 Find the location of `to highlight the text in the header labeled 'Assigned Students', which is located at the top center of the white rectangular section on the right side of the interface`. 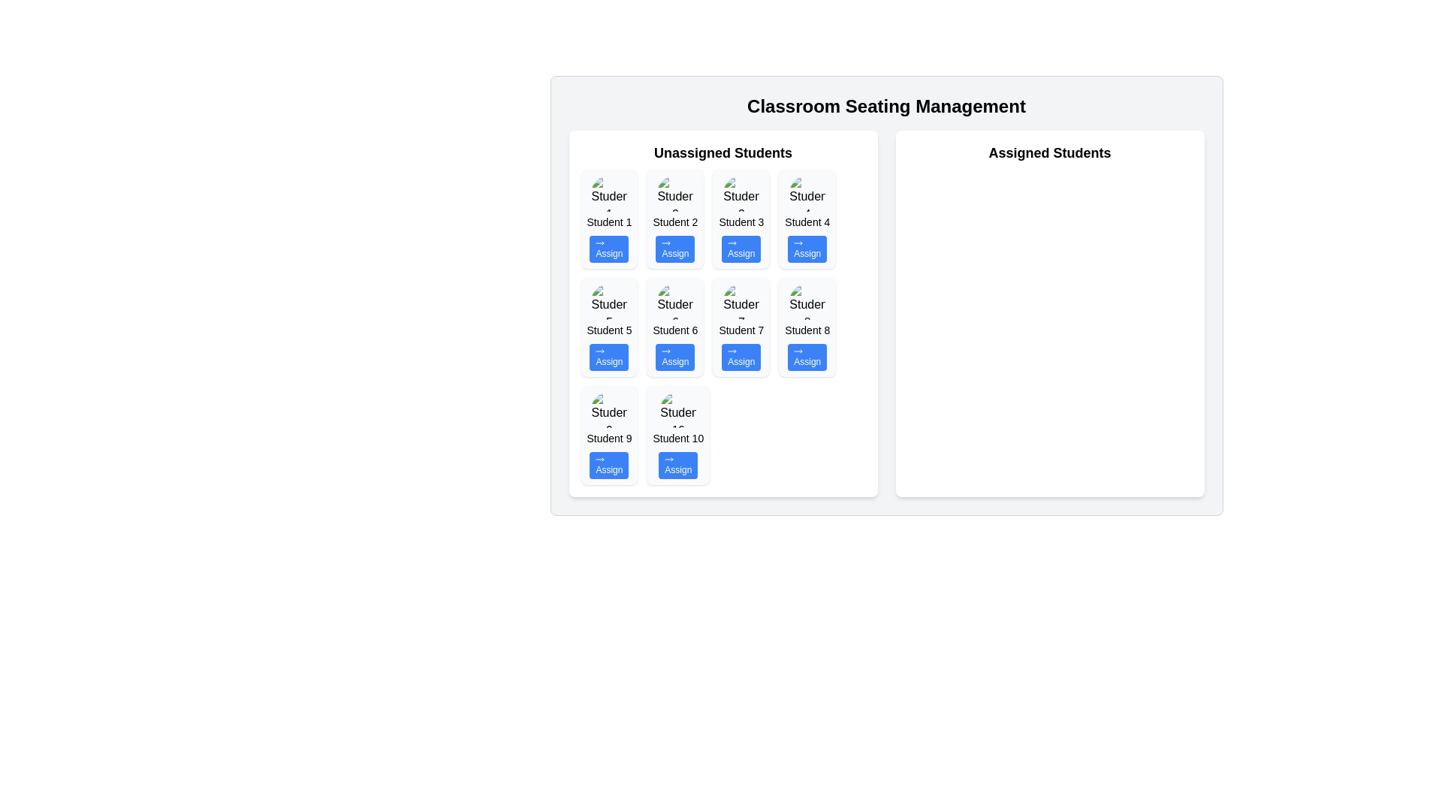

to highlight the text in the header labeled 'Assigned Students', which is located at the top center of the white rectangular section on the right side of the interface is located at coordinates (1048, 153).